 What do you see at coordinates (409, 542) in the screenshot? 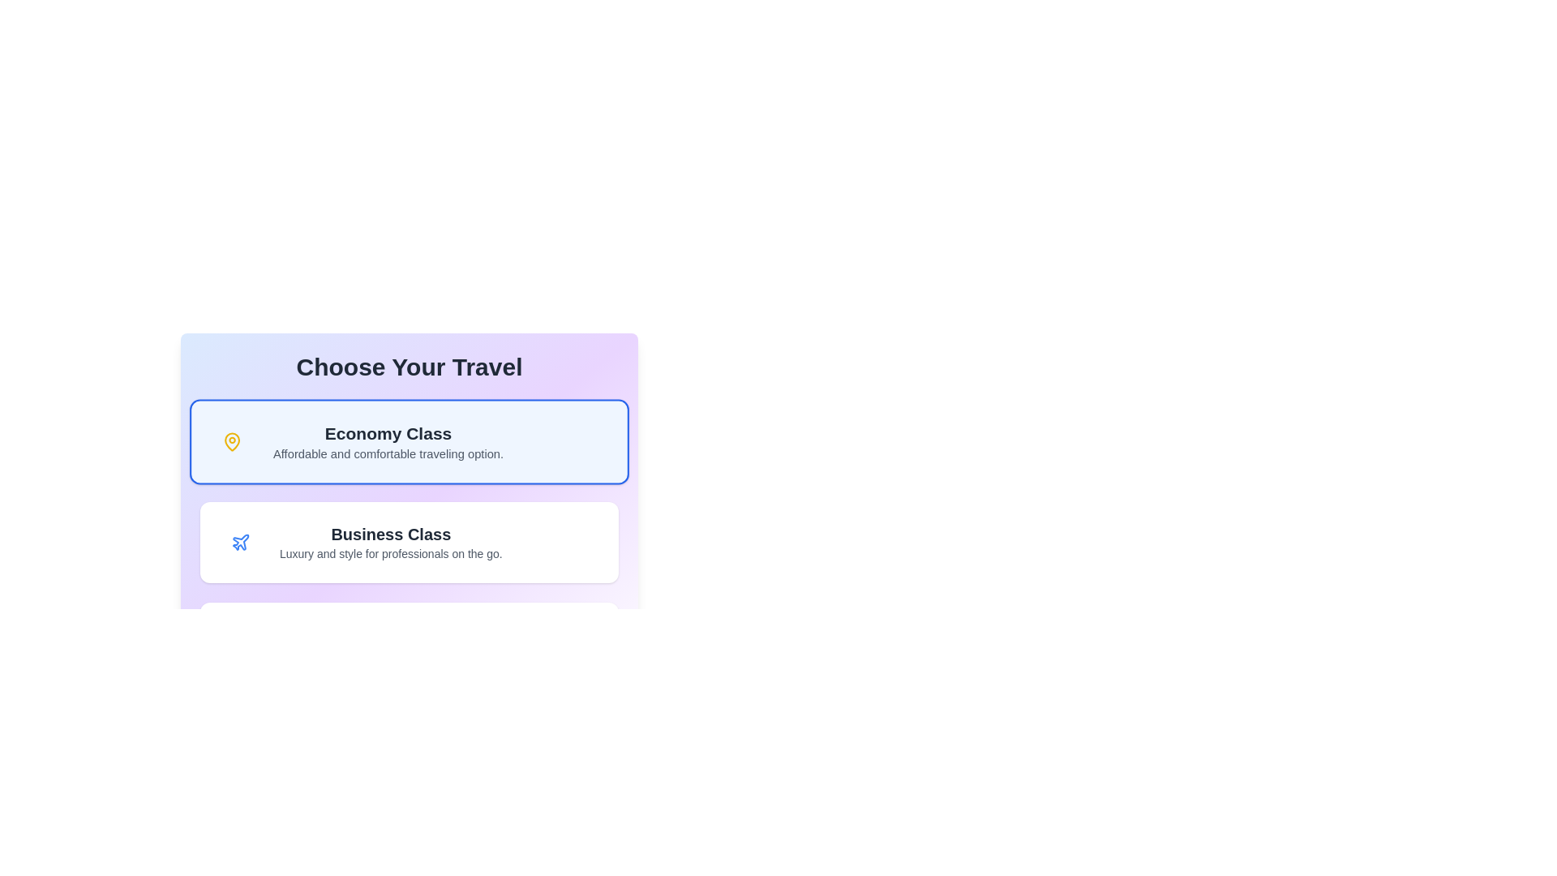
I see `the 'Business Class' card, which features a heading in bold text and an airplane icon` at bounding box center [409, 542].